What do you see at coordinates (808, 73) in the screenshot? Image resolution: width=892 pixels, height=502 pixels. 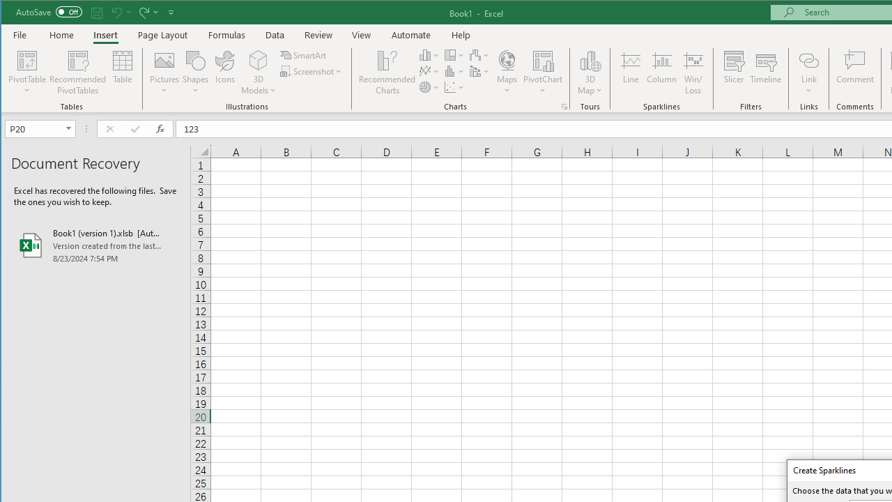 I see `'Link'` at bounding box center [808, 73].